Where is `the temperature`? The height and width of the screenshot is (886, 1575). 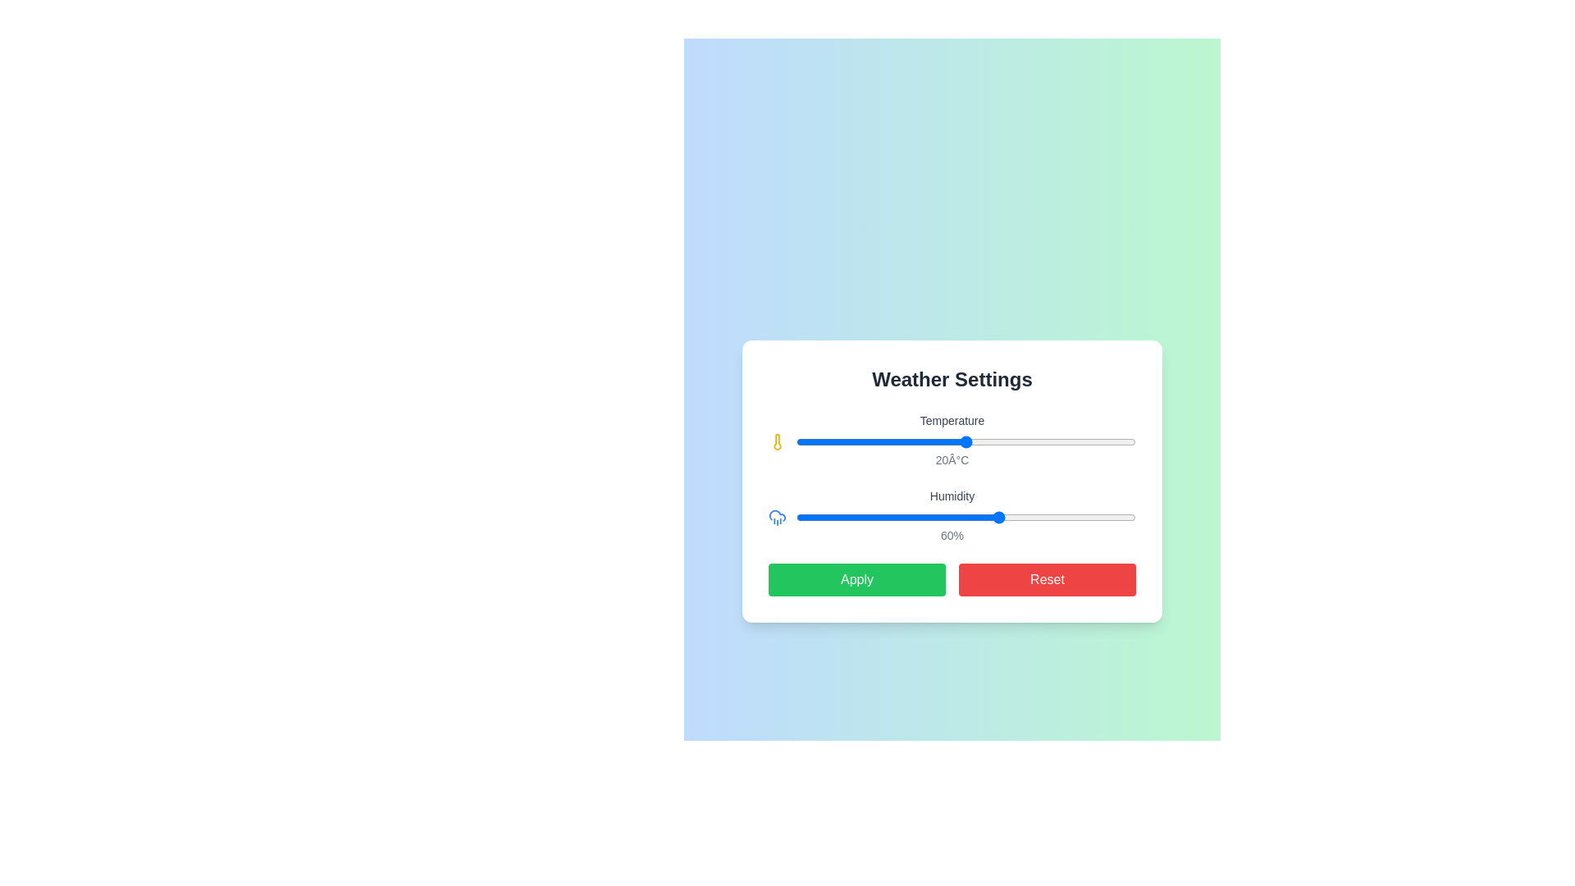
the temperature is located at coordinates (838, 441).